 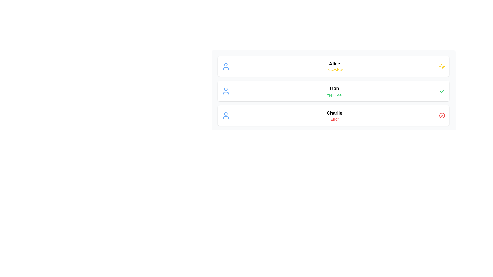 What do you see at coordinates (334, 66) in the screenshot?
I see `the Text Display Block that shows the user's name and current status, located in the first section of the card layout` at bounding box center [334, 66].